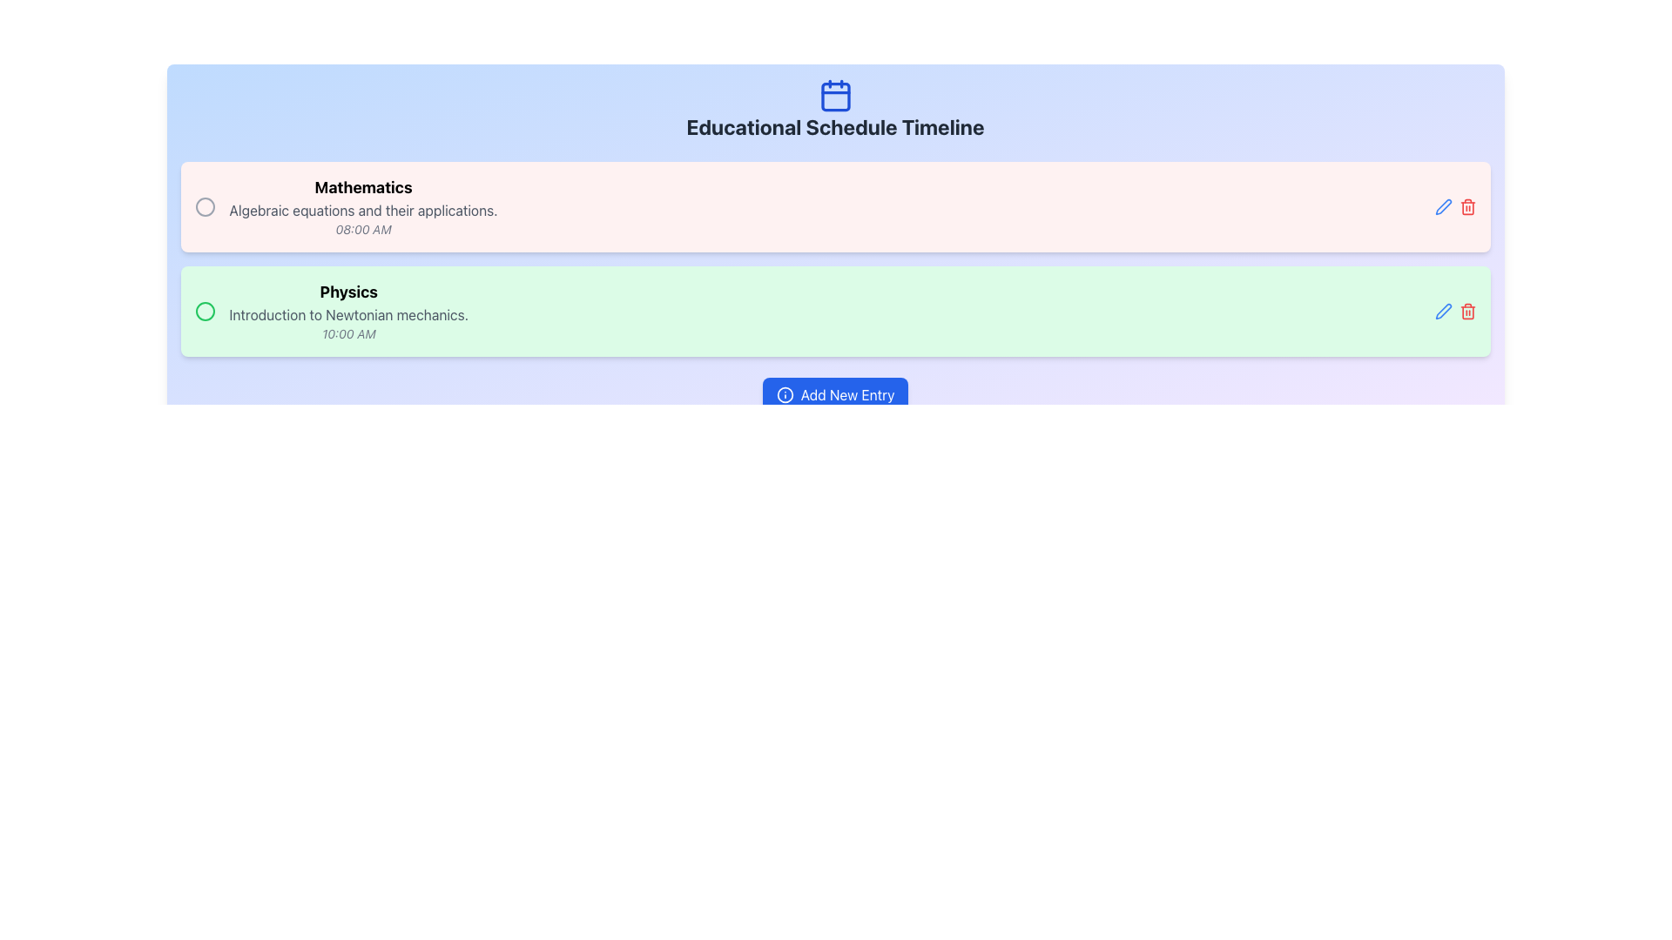  What do you see at coordinates (362, 206) in the screenshot?
I see `the Text block containing the headline 'Mathematics', the description 'Algebraic equations and their applications.', and the timestamp '08:00 AM', which is centered within a pinkish background area of a vertical timeline layout` at bounding box center [362, 206].